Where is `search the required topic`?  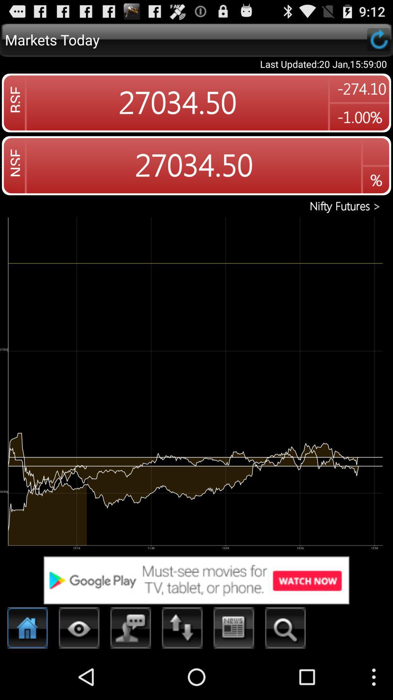
search the required topic is located at coordinates (285, 630).